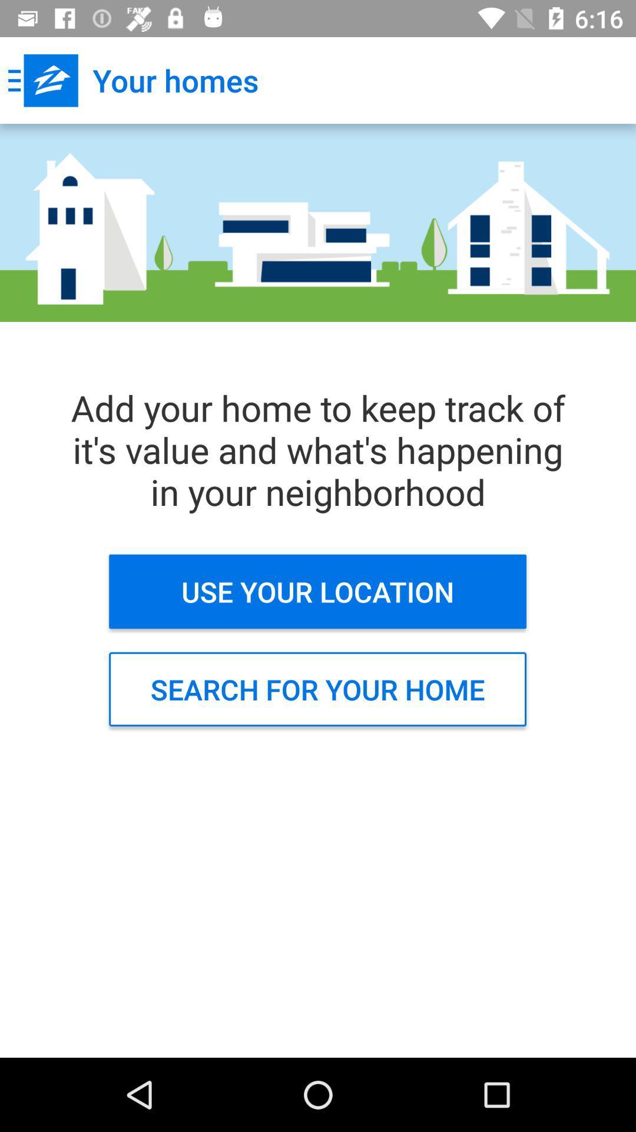 The image size is (636, 1132). I want to click on search for your, so click(317, 689).